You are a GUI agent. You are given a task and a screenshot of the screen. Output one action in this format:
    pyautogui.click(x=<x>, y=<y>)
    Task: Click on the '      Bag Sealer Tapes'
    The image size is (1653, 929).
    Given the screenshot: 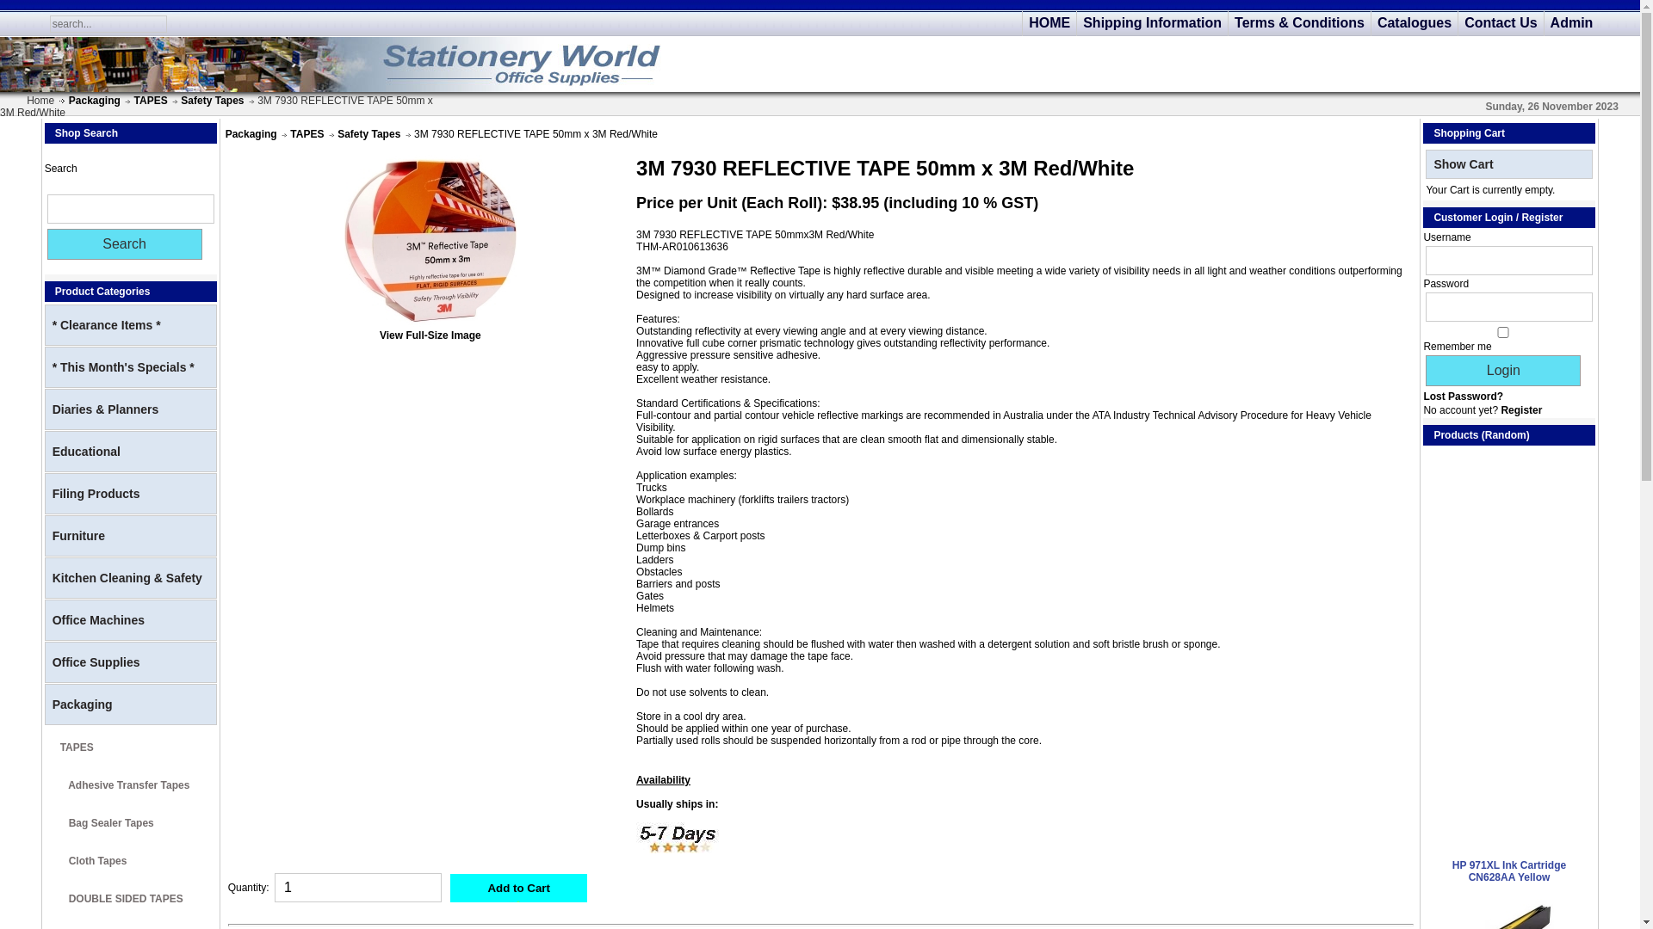 What is the action you would take?
    pyautogui.click(x=130, y=820)
    